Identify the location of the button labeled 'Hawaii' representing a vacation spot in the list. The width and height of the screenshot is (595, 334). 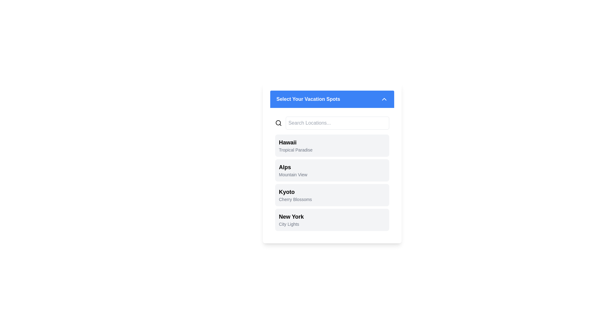
(332, 145).